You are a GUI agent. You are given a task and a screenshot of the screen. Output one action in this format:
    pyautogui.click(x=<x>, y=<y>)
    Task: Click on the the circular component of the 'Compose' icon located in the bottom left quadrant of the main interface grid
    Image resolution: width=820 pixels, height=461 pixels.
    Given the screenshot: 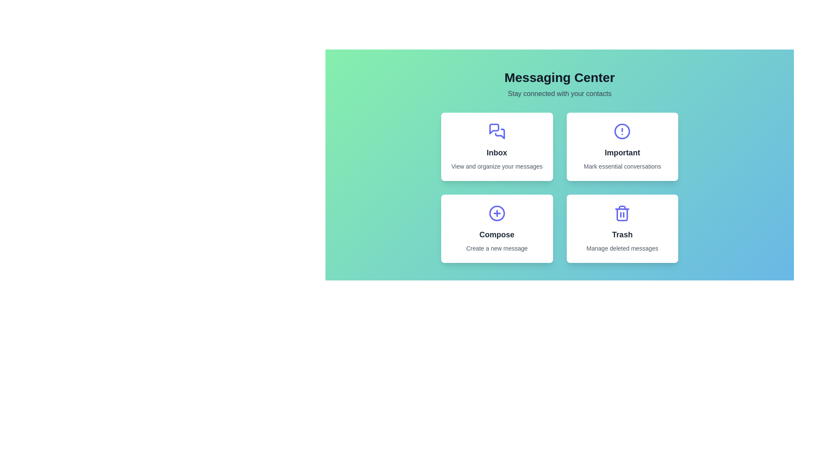 What is the action you would take?
    pyautogui.click(x=497, y=213)
    